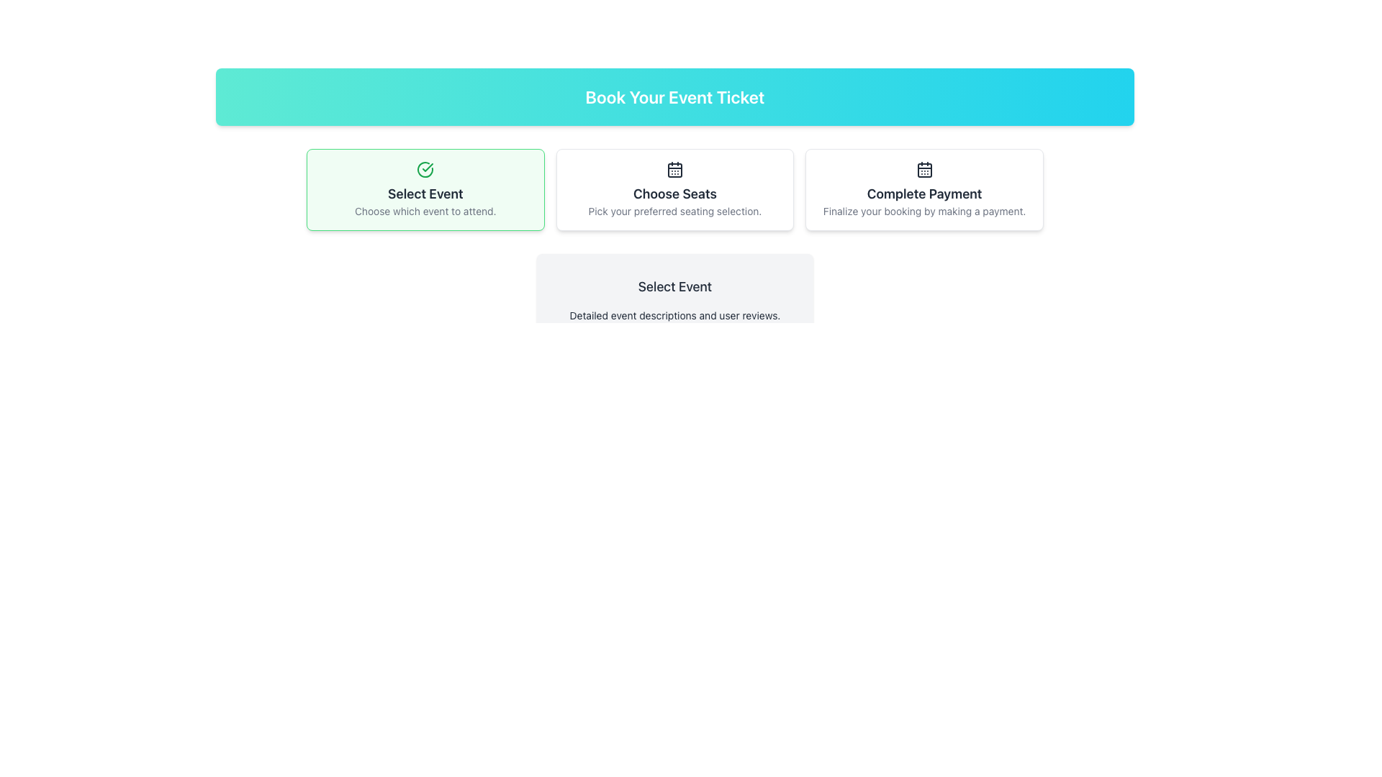 The image size is (1382, 777). I want to click on the informational text that provides guidance related to the 'Choose Seats' feature, located within the 'Choose Seats' card, directly below its title, so click(674, 211).